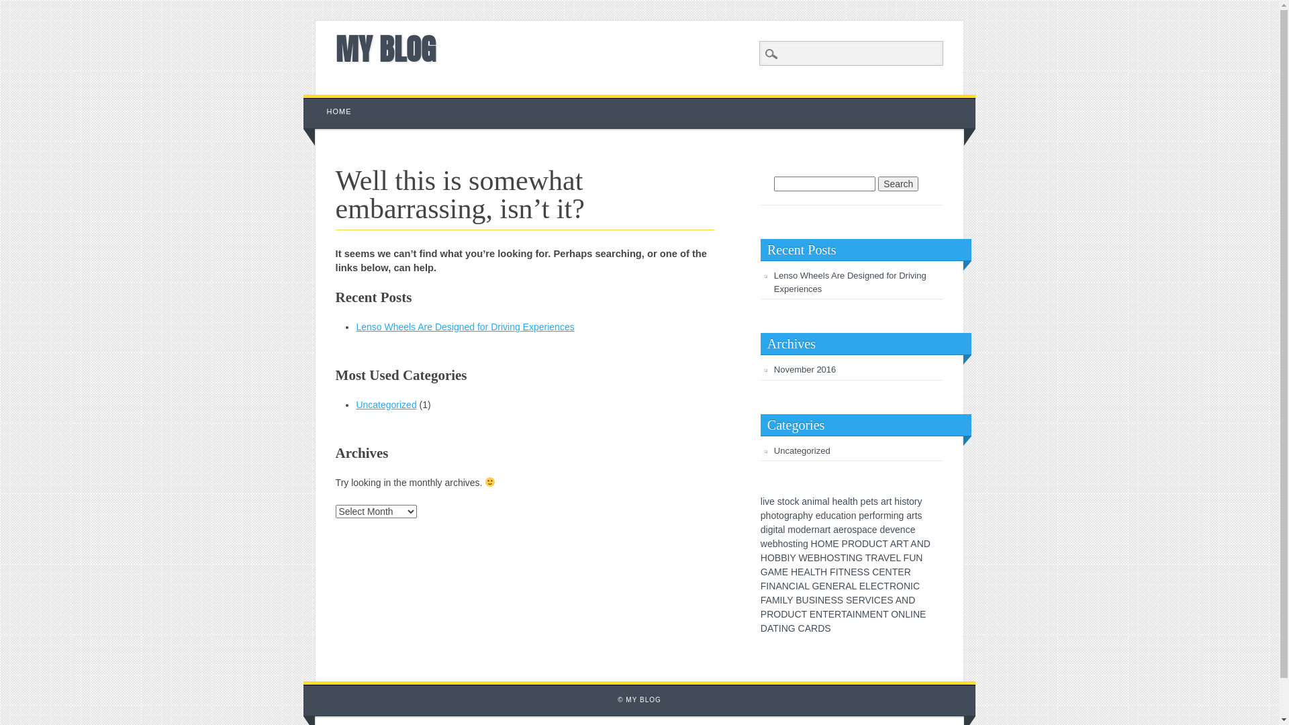 Image resolution: width=1289 pixels, height=725 pixels. What do you see at coordinates (763, 614) in the screenshot?
I see `'P'` at bounding box center [763, 614].